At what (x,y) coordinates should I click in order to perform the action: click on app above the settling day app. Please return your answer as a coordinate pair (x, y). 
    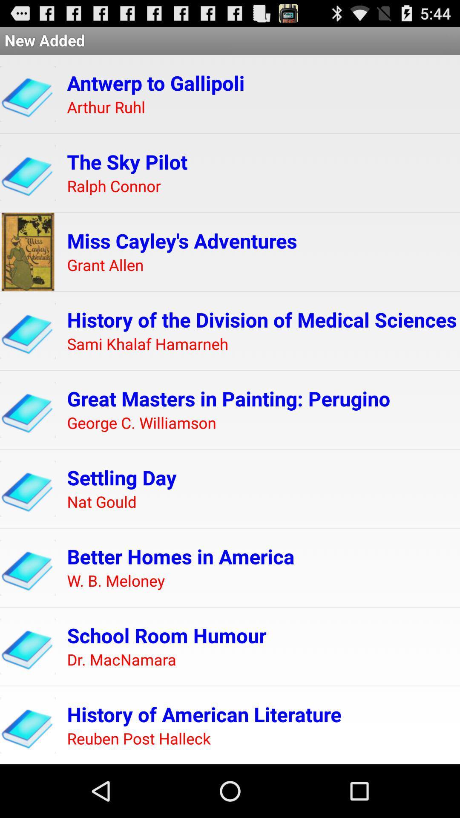
    Looking at the image, I should click on (141, 423).